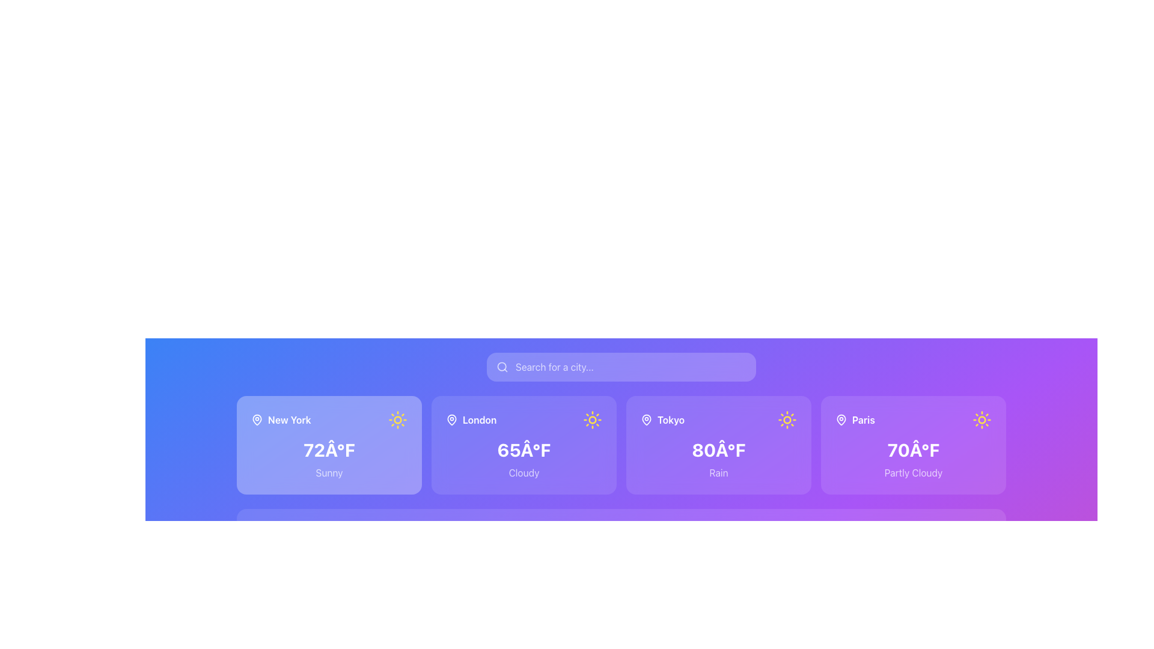  I want to click on the SVG Circle located at the center of the sun icon on the 'Tokyo' weather card, so click(787, 419).